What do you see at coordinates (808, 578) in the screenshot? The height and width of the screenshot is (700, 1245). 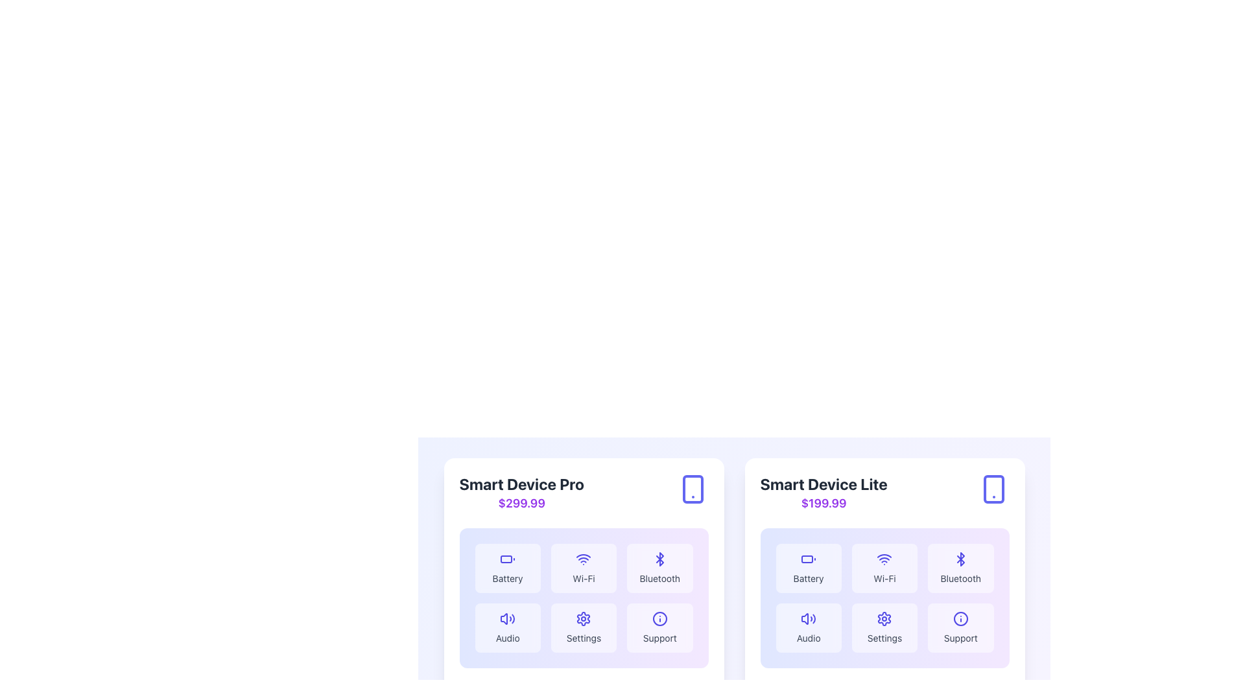 I see `the 'Battery' text label located at the bottom of the 'Smart Device Lite' card, positioned below the battery icon and adjacent to other feature blocks` at bounding box center [808, 578].